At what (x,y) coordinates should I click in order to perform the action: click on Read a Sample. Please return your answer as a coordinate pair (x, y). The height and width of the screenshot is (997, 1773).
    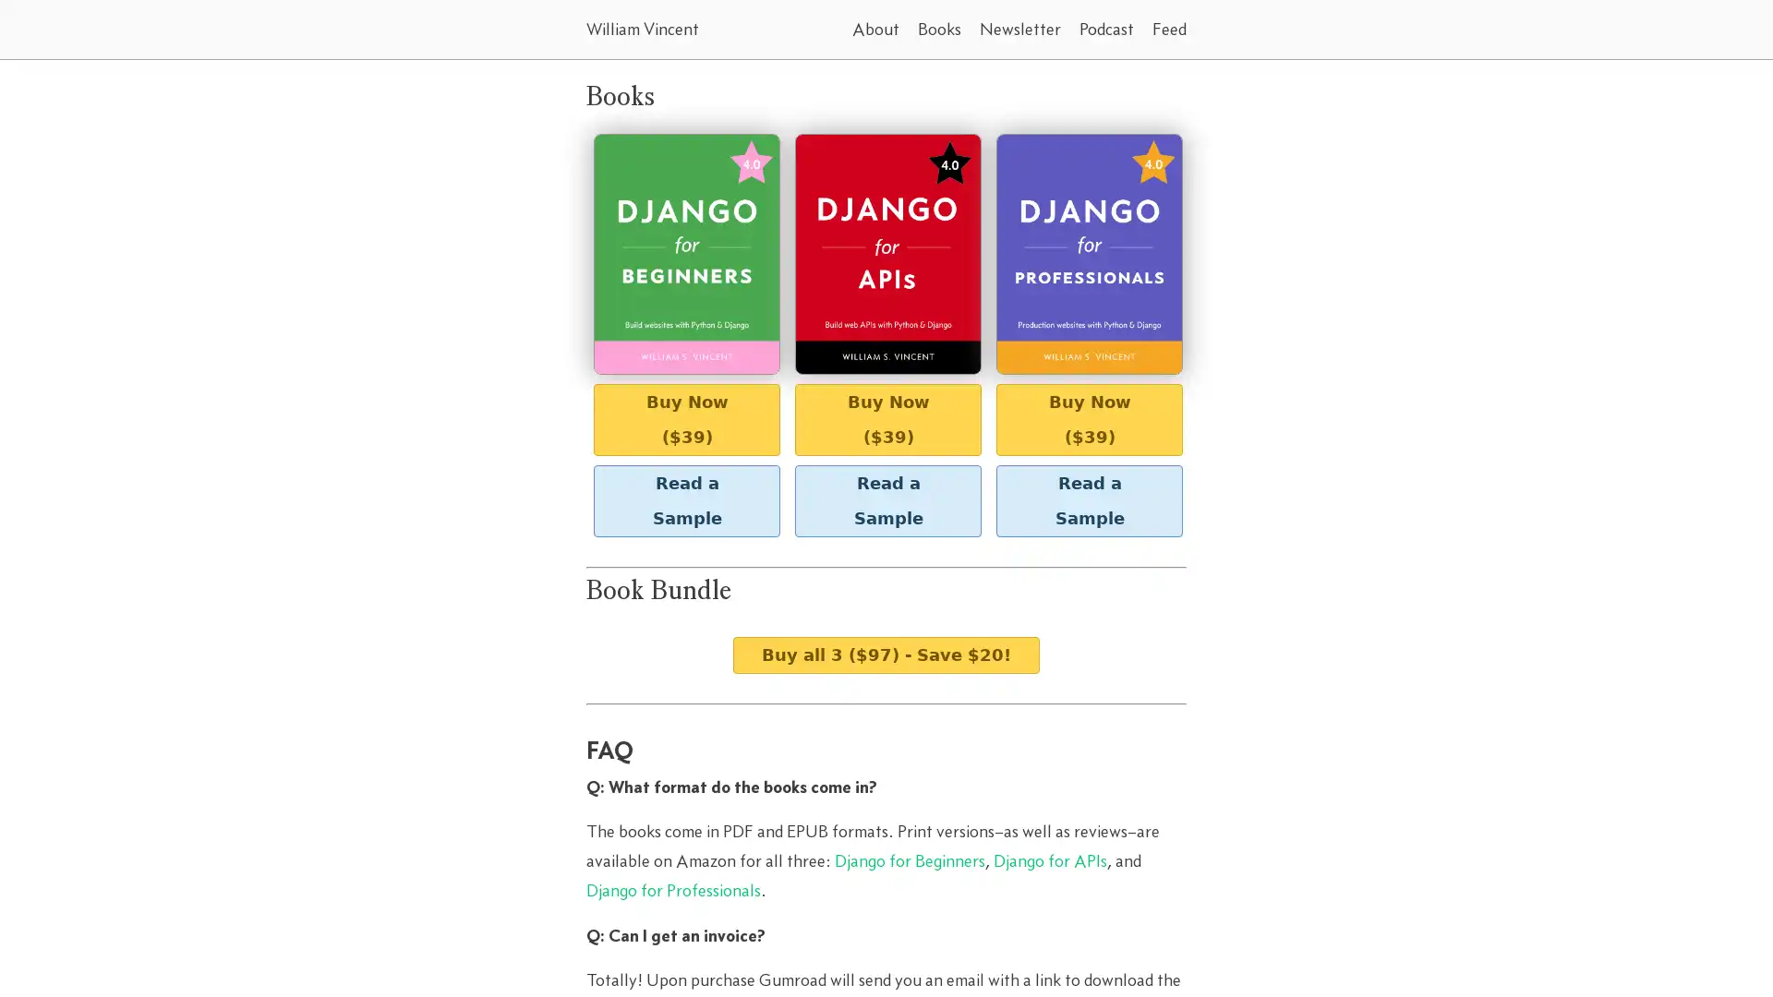
    Looking at the image, I should click on (686, 500).